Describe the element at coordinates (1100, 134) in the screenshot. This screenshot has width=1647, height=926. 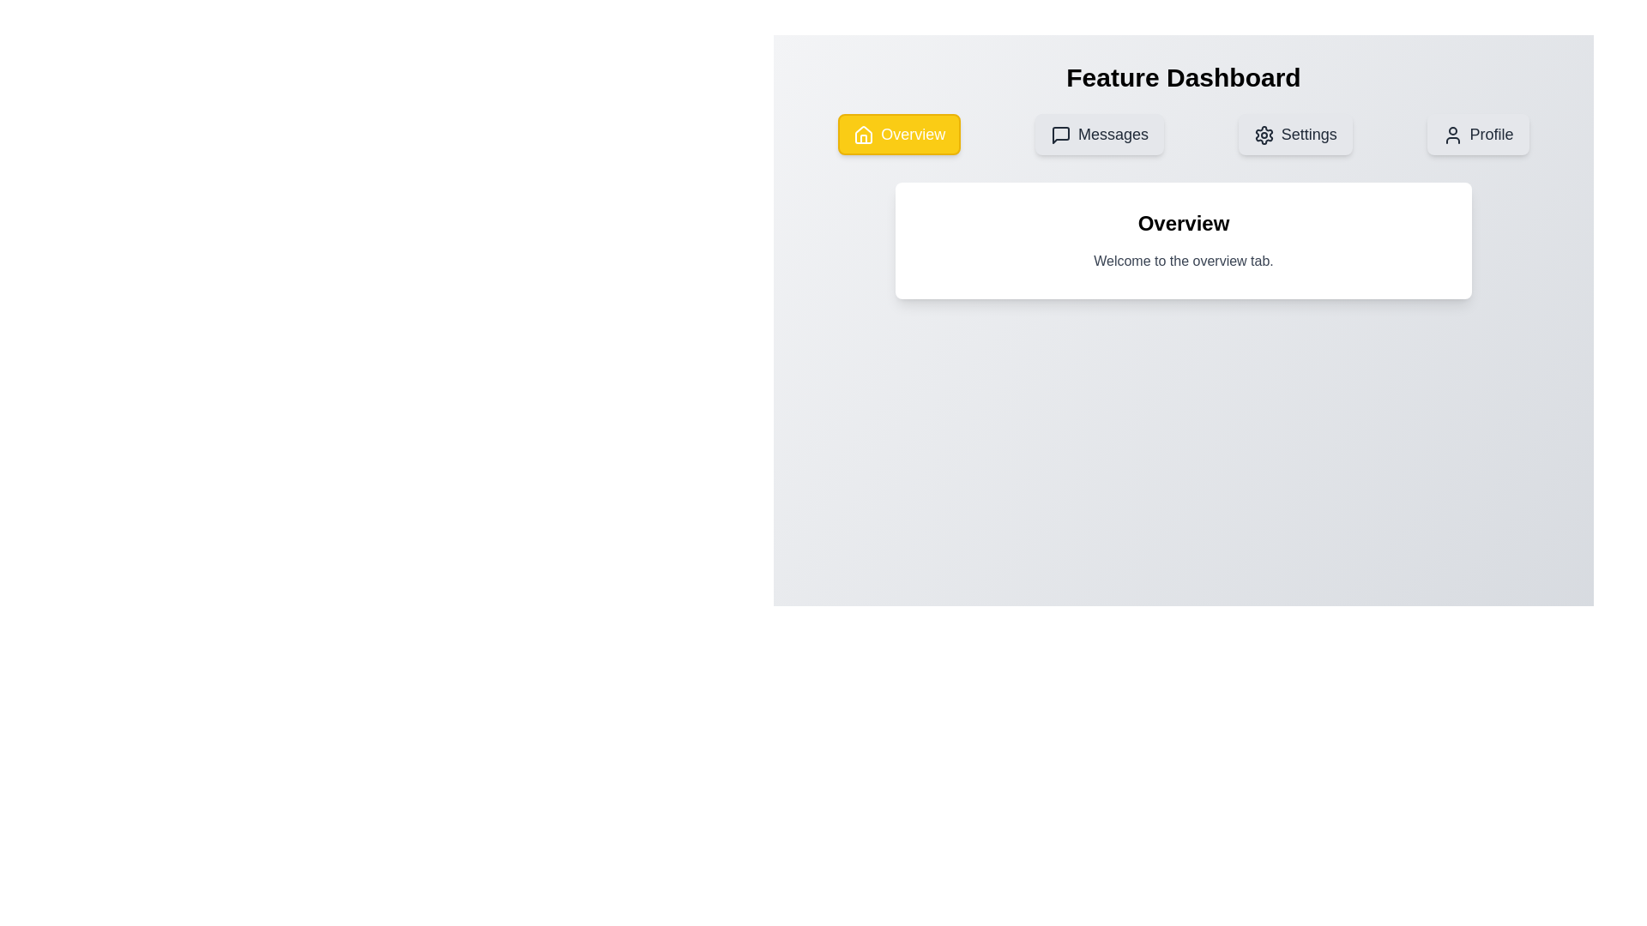
I see `the Messages tab by clicking the corresponding navigation button` at that location.